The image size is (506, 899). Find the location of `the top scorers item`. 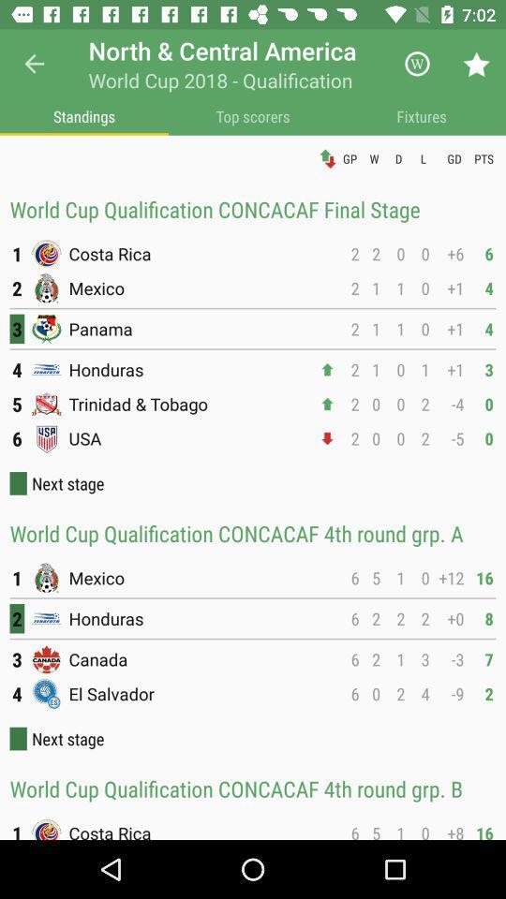

the top scorers item is located at coordinates (253, 115).